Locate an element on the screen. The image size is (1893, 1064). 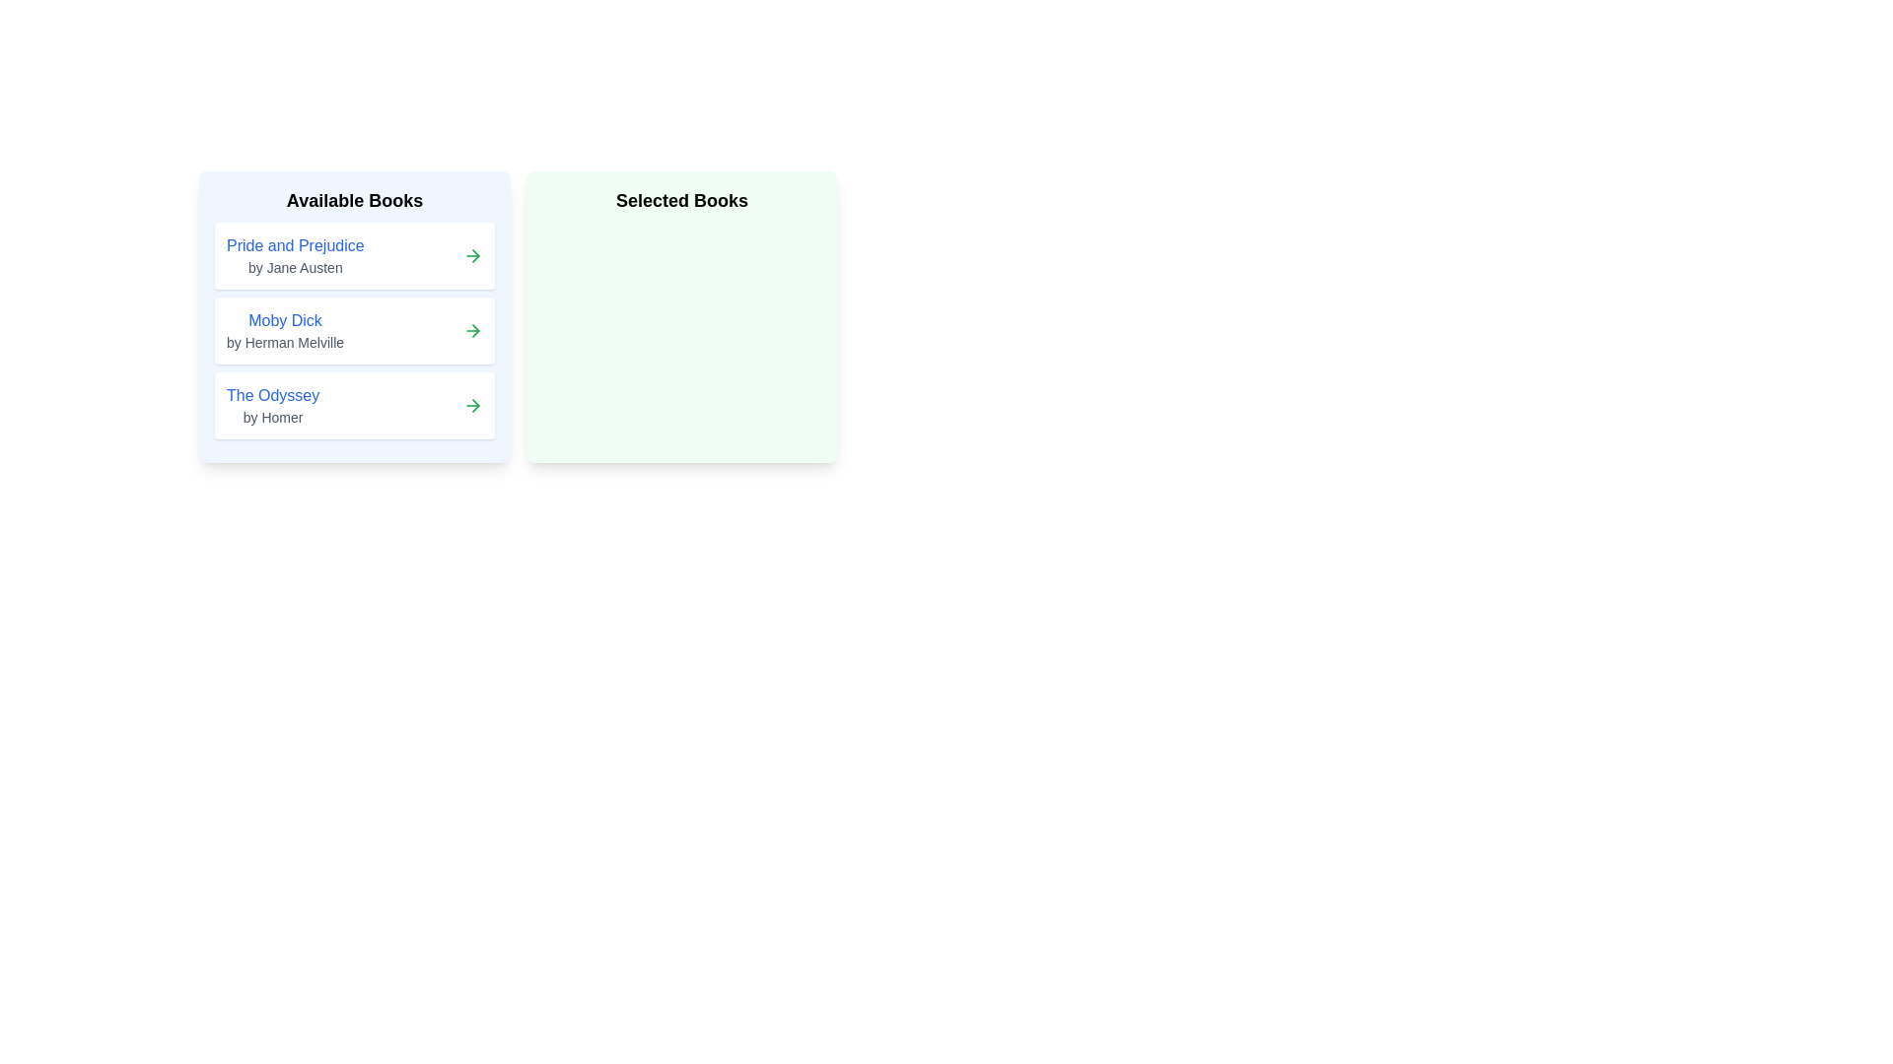
the text label displaying 'by Jane Austen', which is styled in gray and located directly beneath the 'Pride and Prejudice' link in the 'Available Books' section is located at coordinates (294, 268).